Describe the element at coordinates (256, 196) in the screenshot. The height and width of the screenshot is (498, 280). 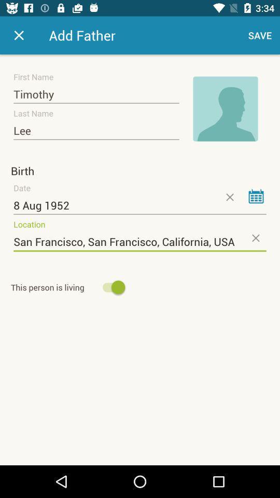
I see `change date calendar` at that location.